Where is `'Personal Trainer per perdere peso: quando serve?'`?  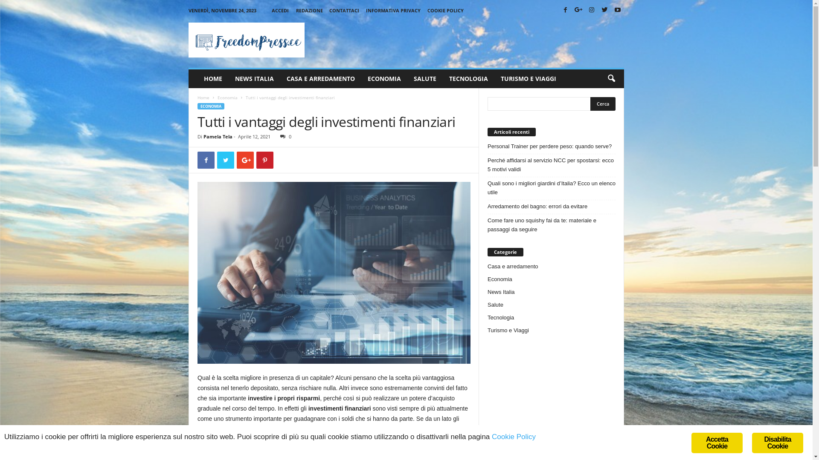
'Personal Trainer per perdere peso: quando serve?' is located at coordinates (551, 146).